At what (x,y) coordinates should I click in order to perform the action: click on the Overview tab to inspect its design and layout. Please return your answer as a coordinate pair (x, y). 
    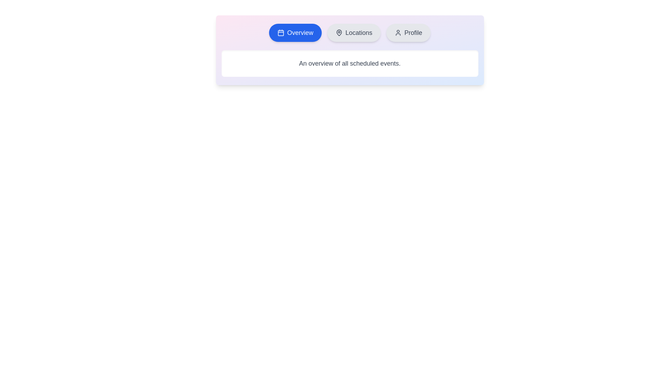
    Looking at the image, I should click on (295, 32).